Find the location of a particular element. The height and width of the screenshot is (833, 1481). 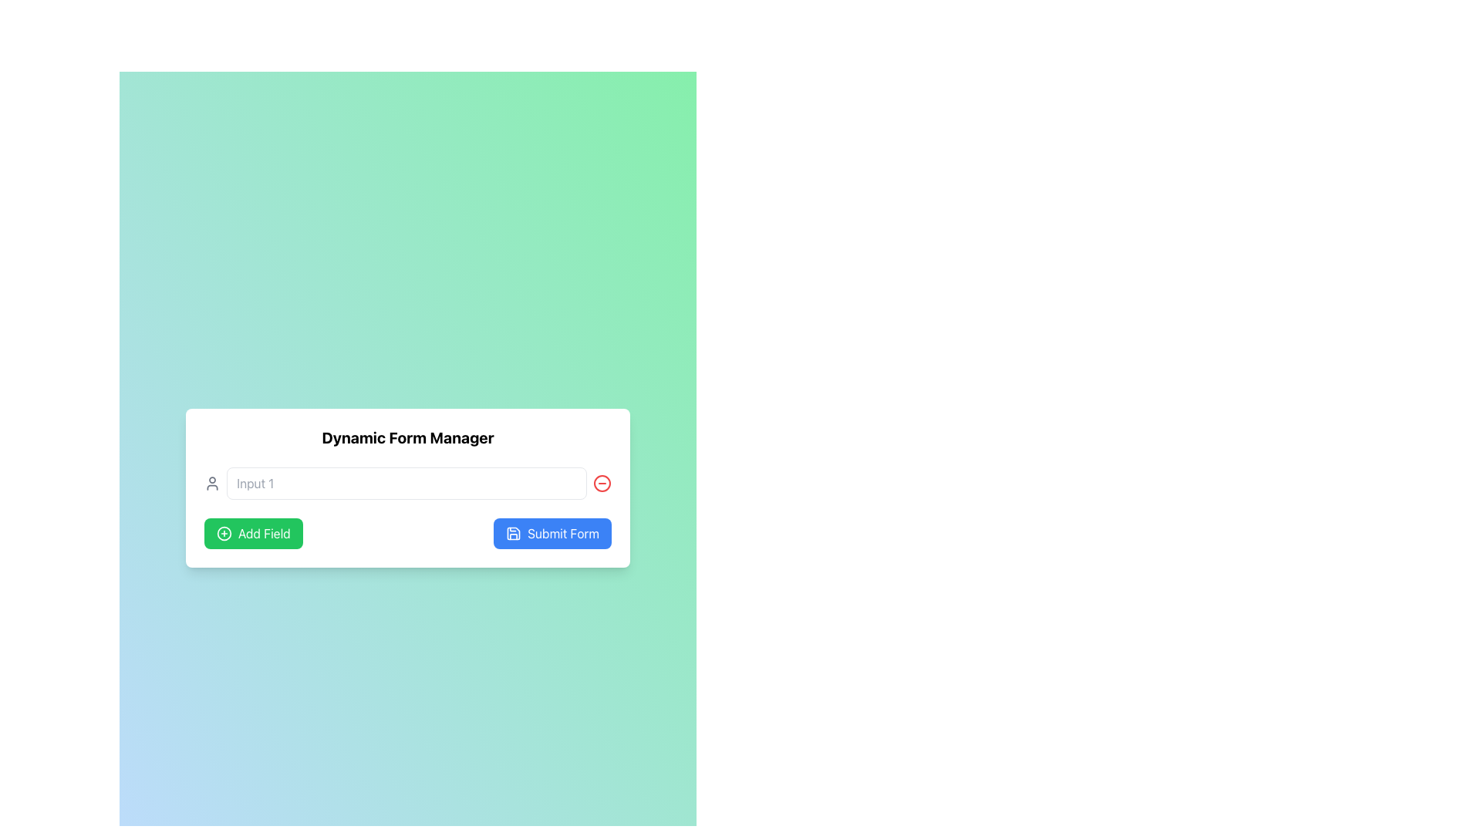

the icon located on the left edge of the 'Add Field' button is located at coordinates (224, 532).